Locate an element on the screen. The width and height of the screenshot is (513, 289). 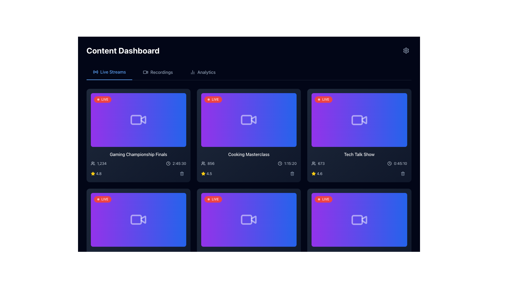
the text label indicating the number of users associated with the 'Cooking Masterclass' session, located in the lower section of the card within the 'Live Streams' grid, to the left of the time indicator '1:15:20' is located at coordinates (207, 163).